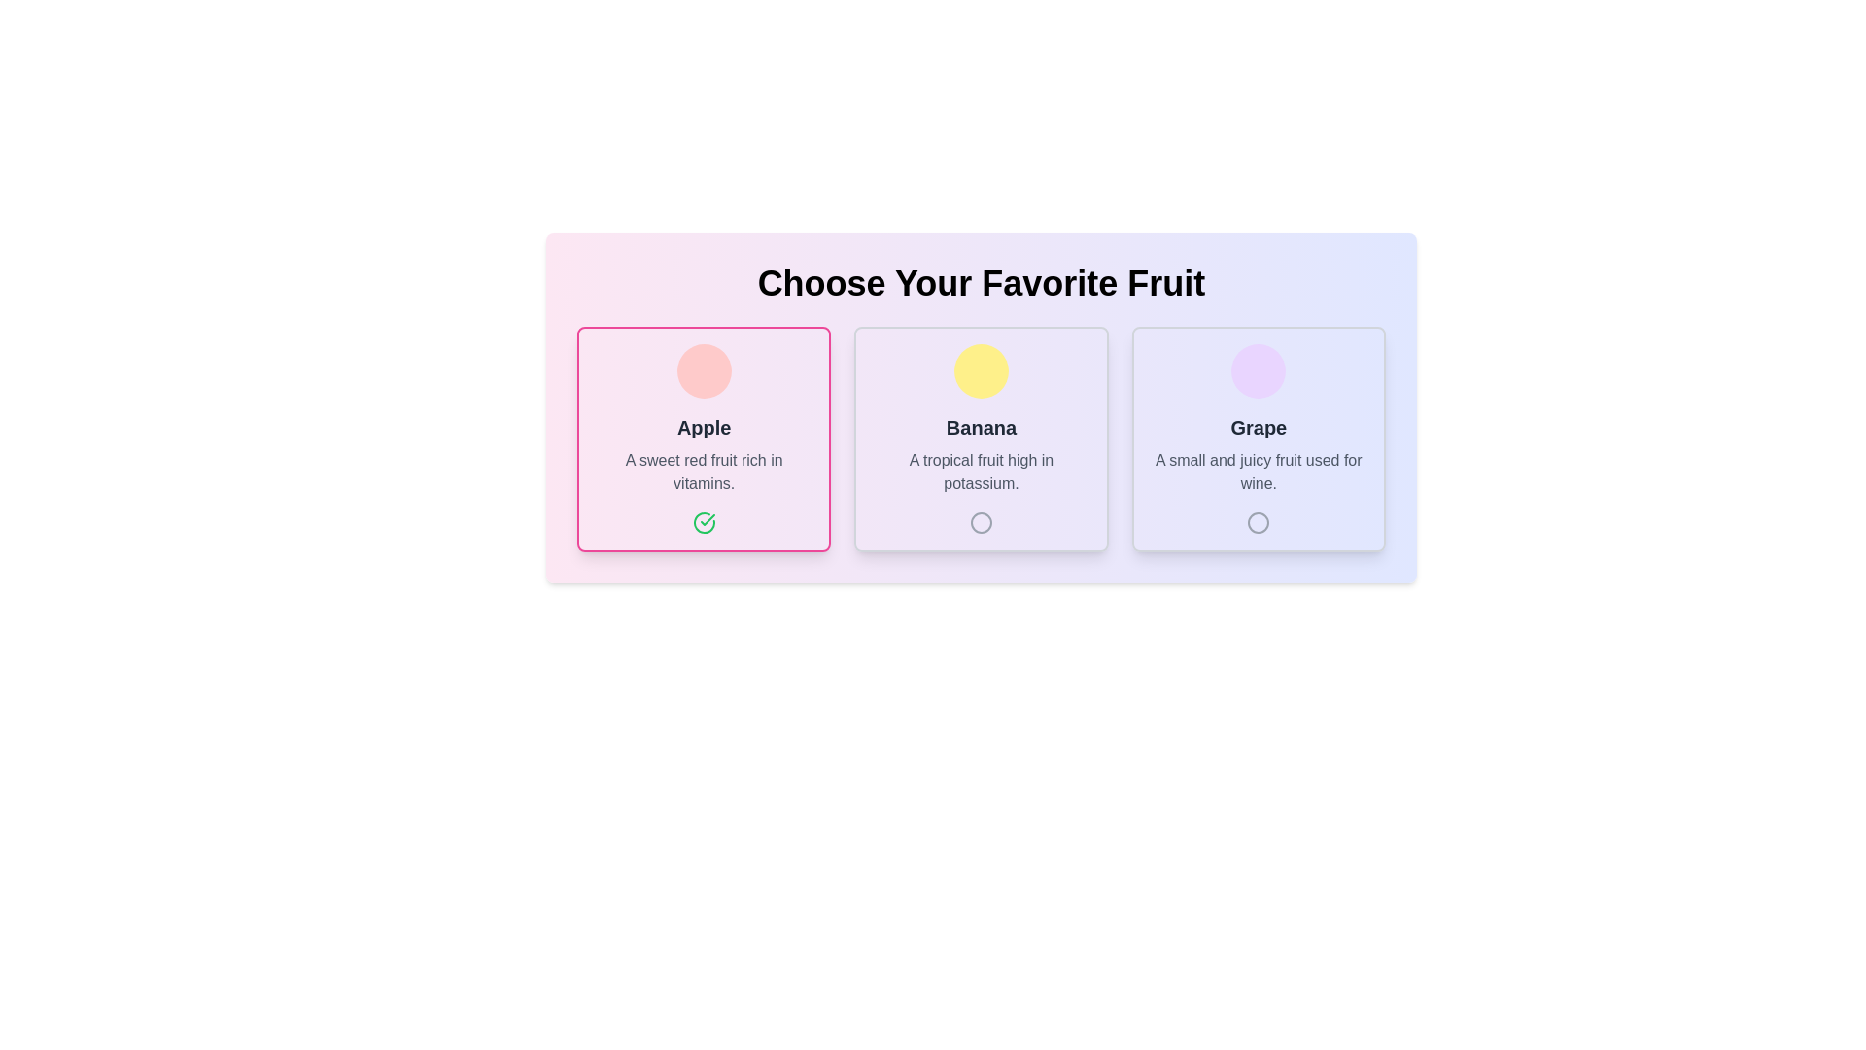 The width and height of the screenshot is (1866, 1050). Describe the element at coordinates (981, 472) in the screenshot. I see `the second text element that provides additional descriptive information about the banana, located in the middle card among the three displayed options` at that location.